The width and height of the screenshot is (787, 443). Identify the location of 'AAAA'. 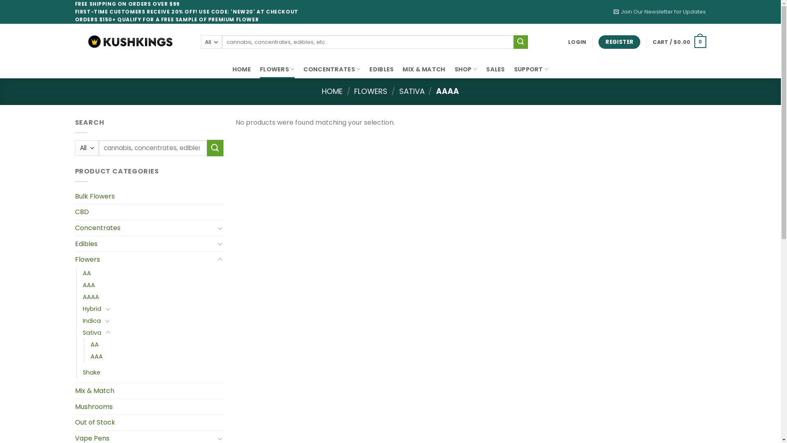
(82, 297).